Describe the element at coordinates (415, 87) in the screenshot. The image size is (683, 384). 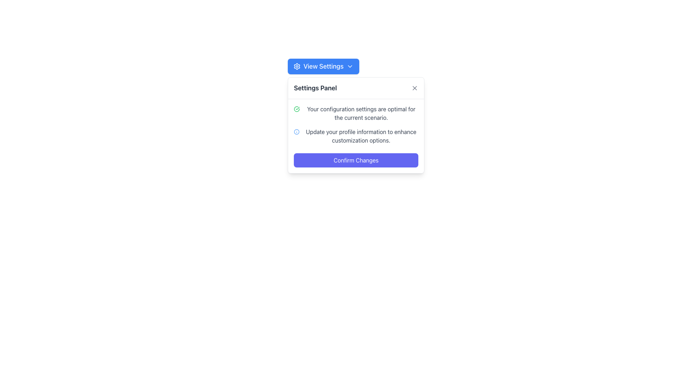
I see `the 'Close' or 'Dismiss' button located in the top-right corner of the 'Settings Panel' and press Enter to activate it` at that location.